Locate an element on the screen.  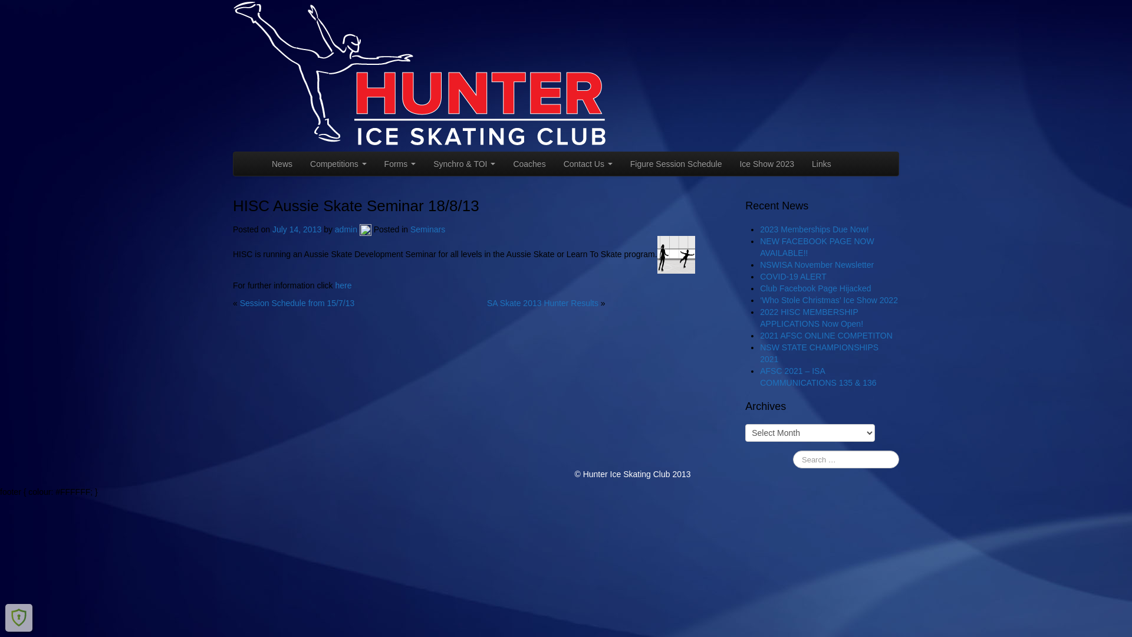
'NEW FACEBOOK PAGE NOW AVAILABLE!!' is located at coordinates (816, 247).